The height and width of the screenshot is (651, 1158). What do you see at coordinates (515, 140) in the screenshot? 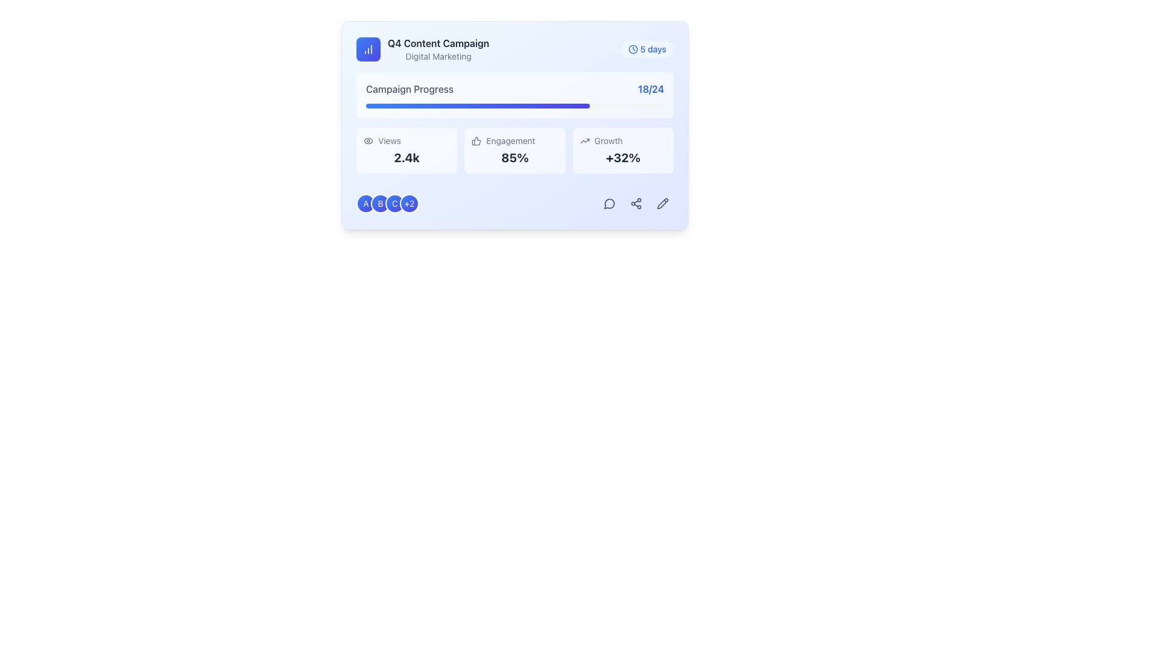
I see `the 'Engagement' label, which is a light gray textual label located above the numeric representation '85%' in the campaign statistics section` at bounding box center [515, 140].